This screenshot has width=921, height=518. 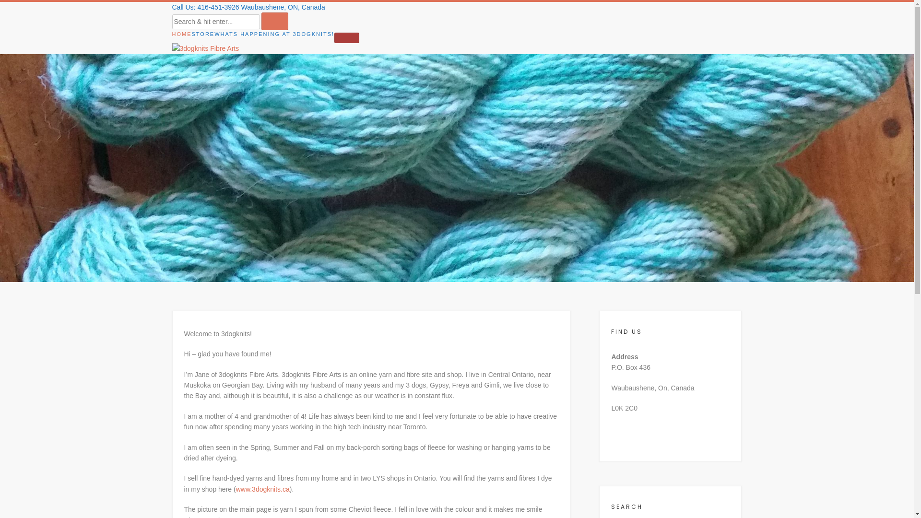 What do you see at coordinates (262, 489) in the screenshot?
I see `'www.3dogknits.ca'` at bounding box center [262, 489].